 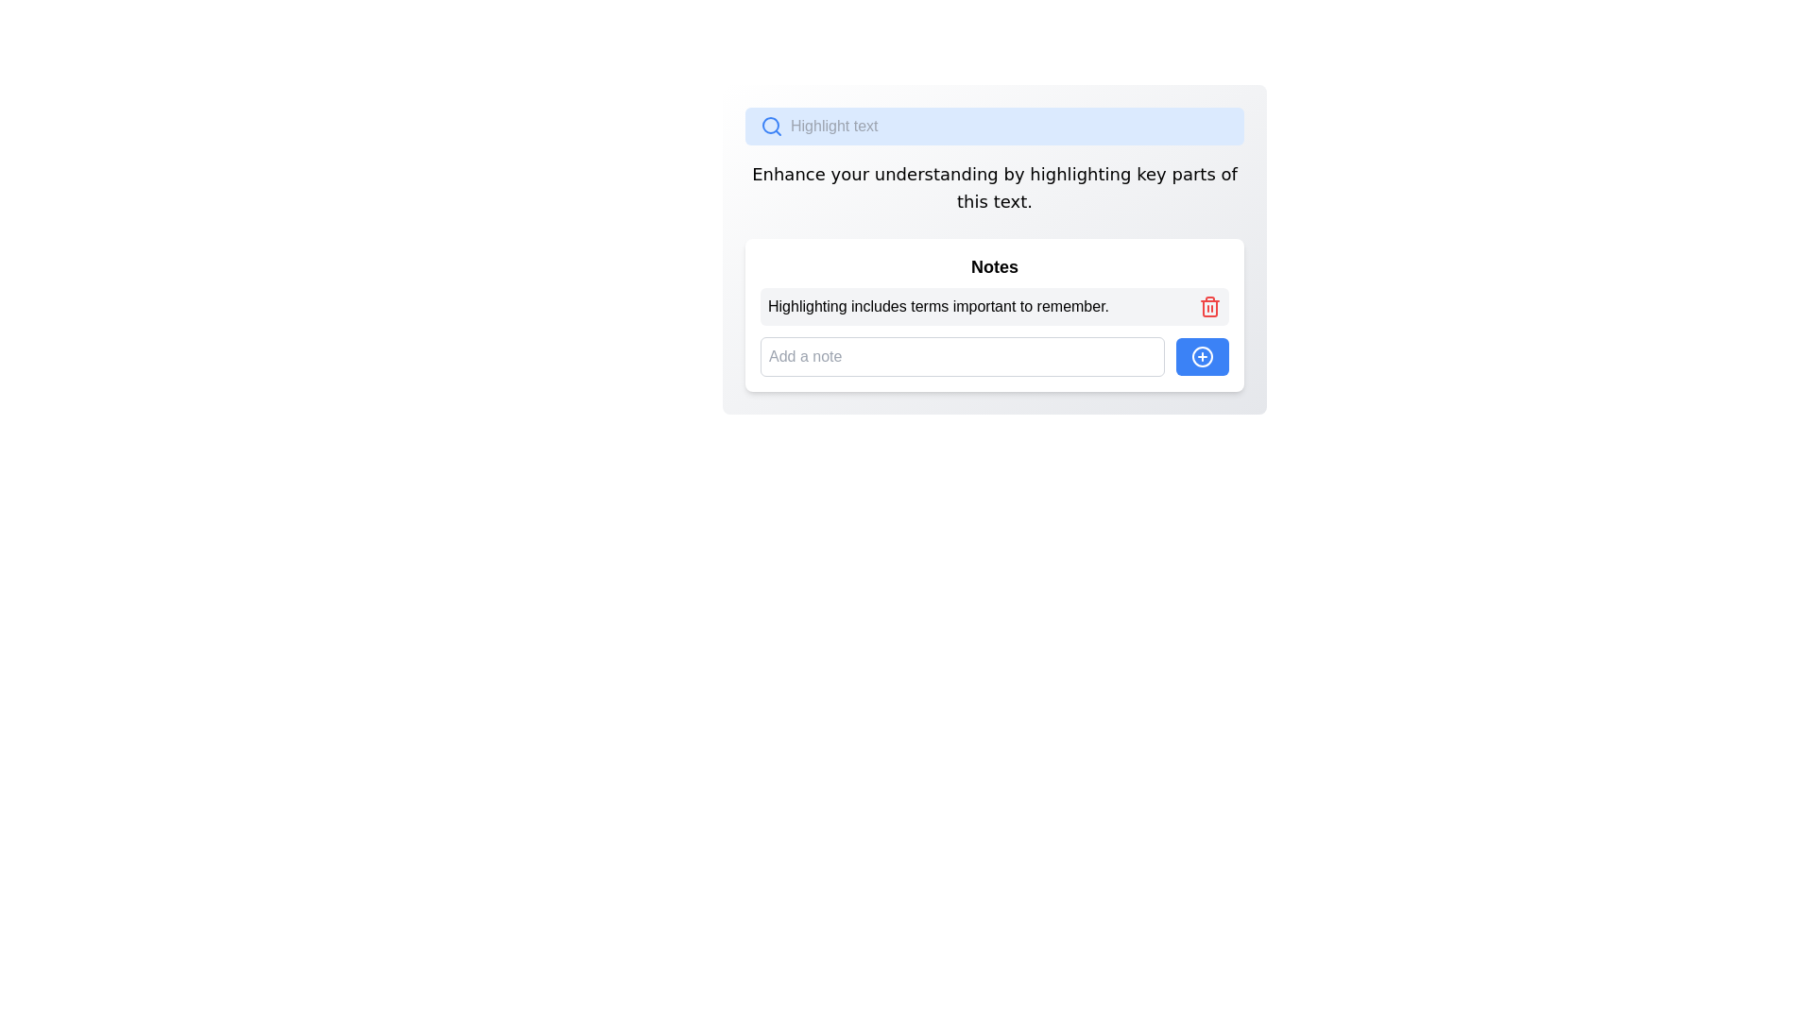 What do you see at coordinates (920, 174) in the screenshot?
I see `the character 'r' in the word 'understanding' which is part of the sentence 'Enhance your understanding by highlighting key parts of this text.'` at bounding box center [920, 174].